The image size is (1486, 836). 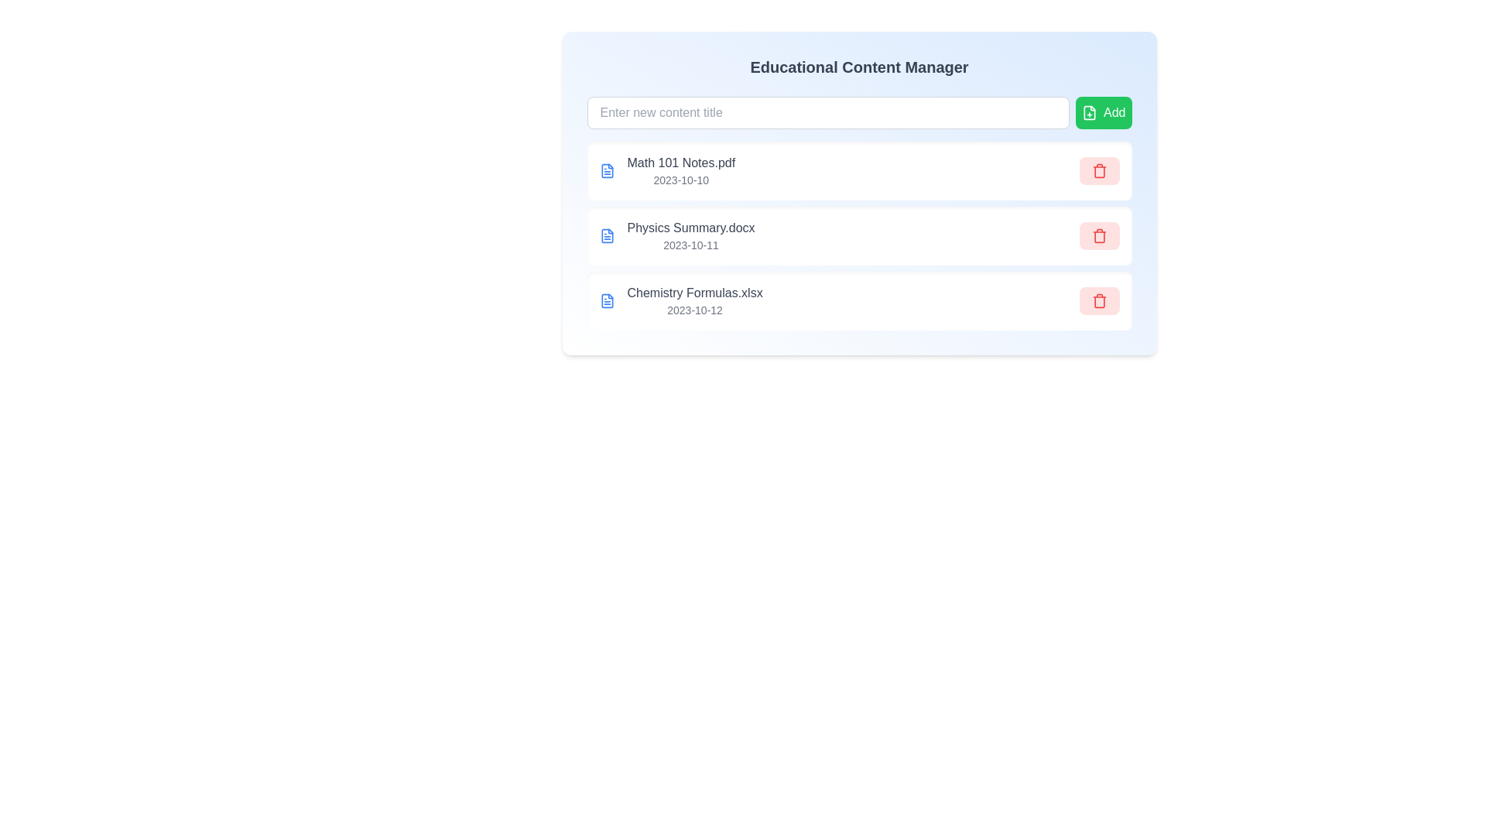 I want to click on the icon representing the 'Add' functionality located in the top-right corner of the panel, so click(x=1088, y=112).